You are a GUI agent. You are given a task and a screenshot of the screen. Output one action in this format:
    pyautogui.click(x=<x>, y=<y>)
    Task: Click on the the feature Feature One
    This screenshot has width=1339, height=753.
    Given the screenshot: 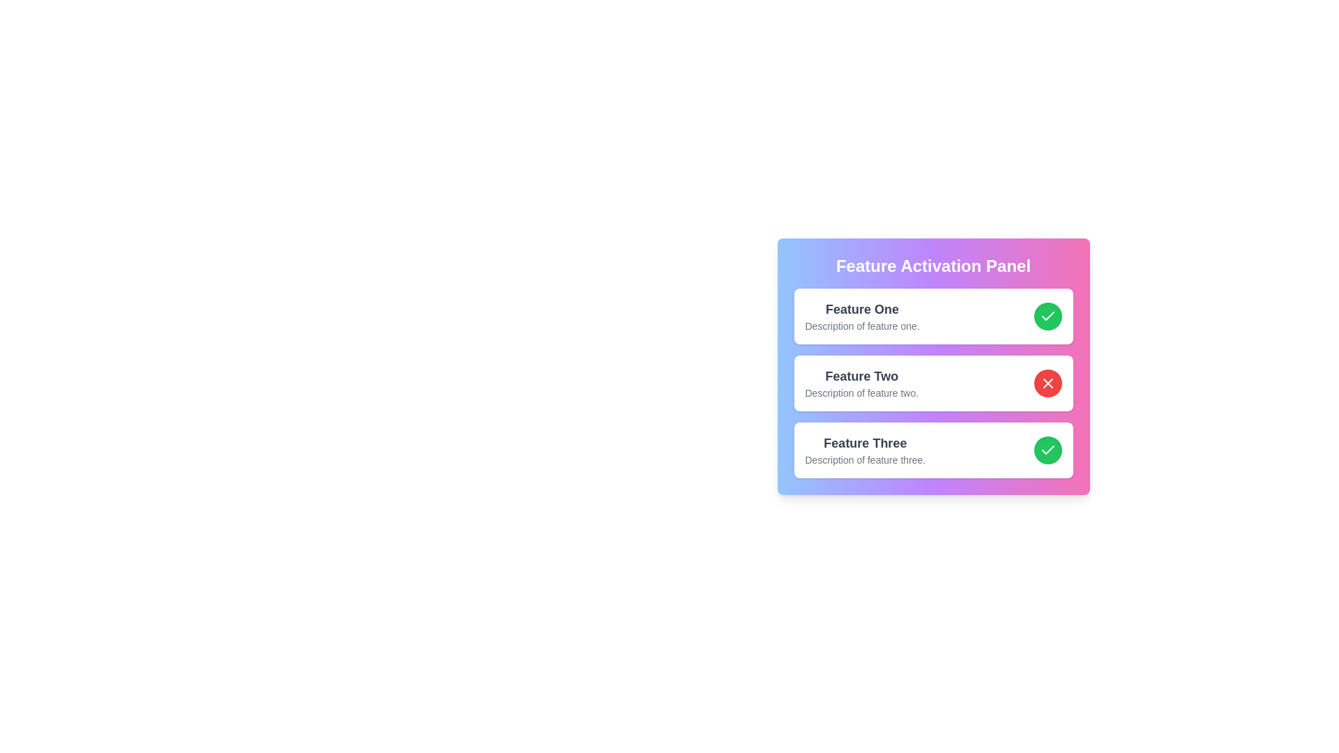 What is the action you would take?
    pyautogui.click(x=1047, y=317)
    